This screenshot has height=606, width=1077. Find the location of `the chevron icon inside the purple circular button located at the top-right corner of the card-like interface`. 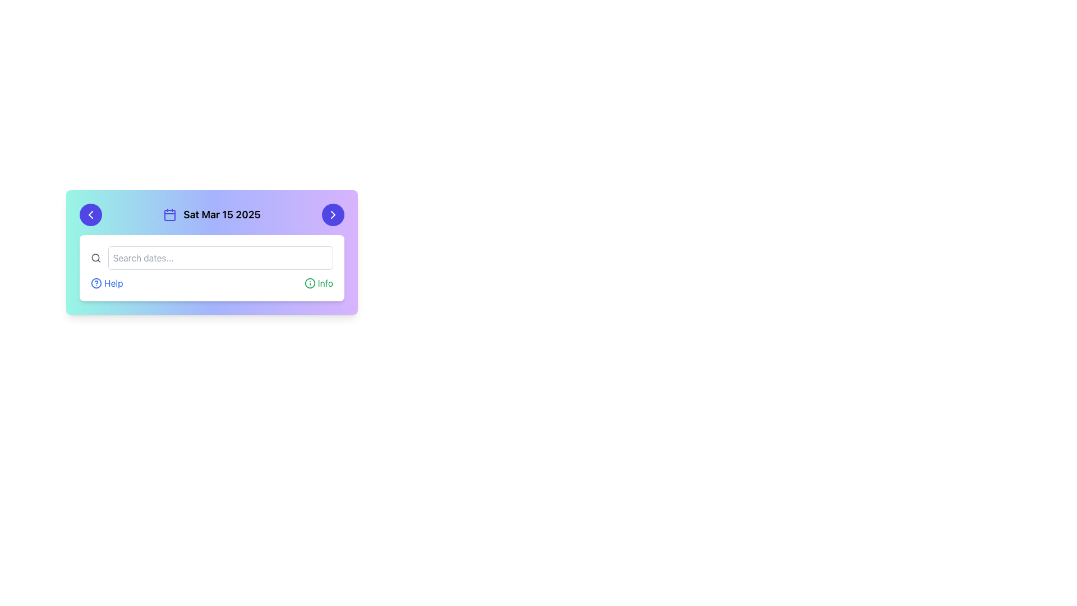

the chevron icon inside the purple circular button located at the top-right corner of the card-like interface is located at coordinates (333, 214).